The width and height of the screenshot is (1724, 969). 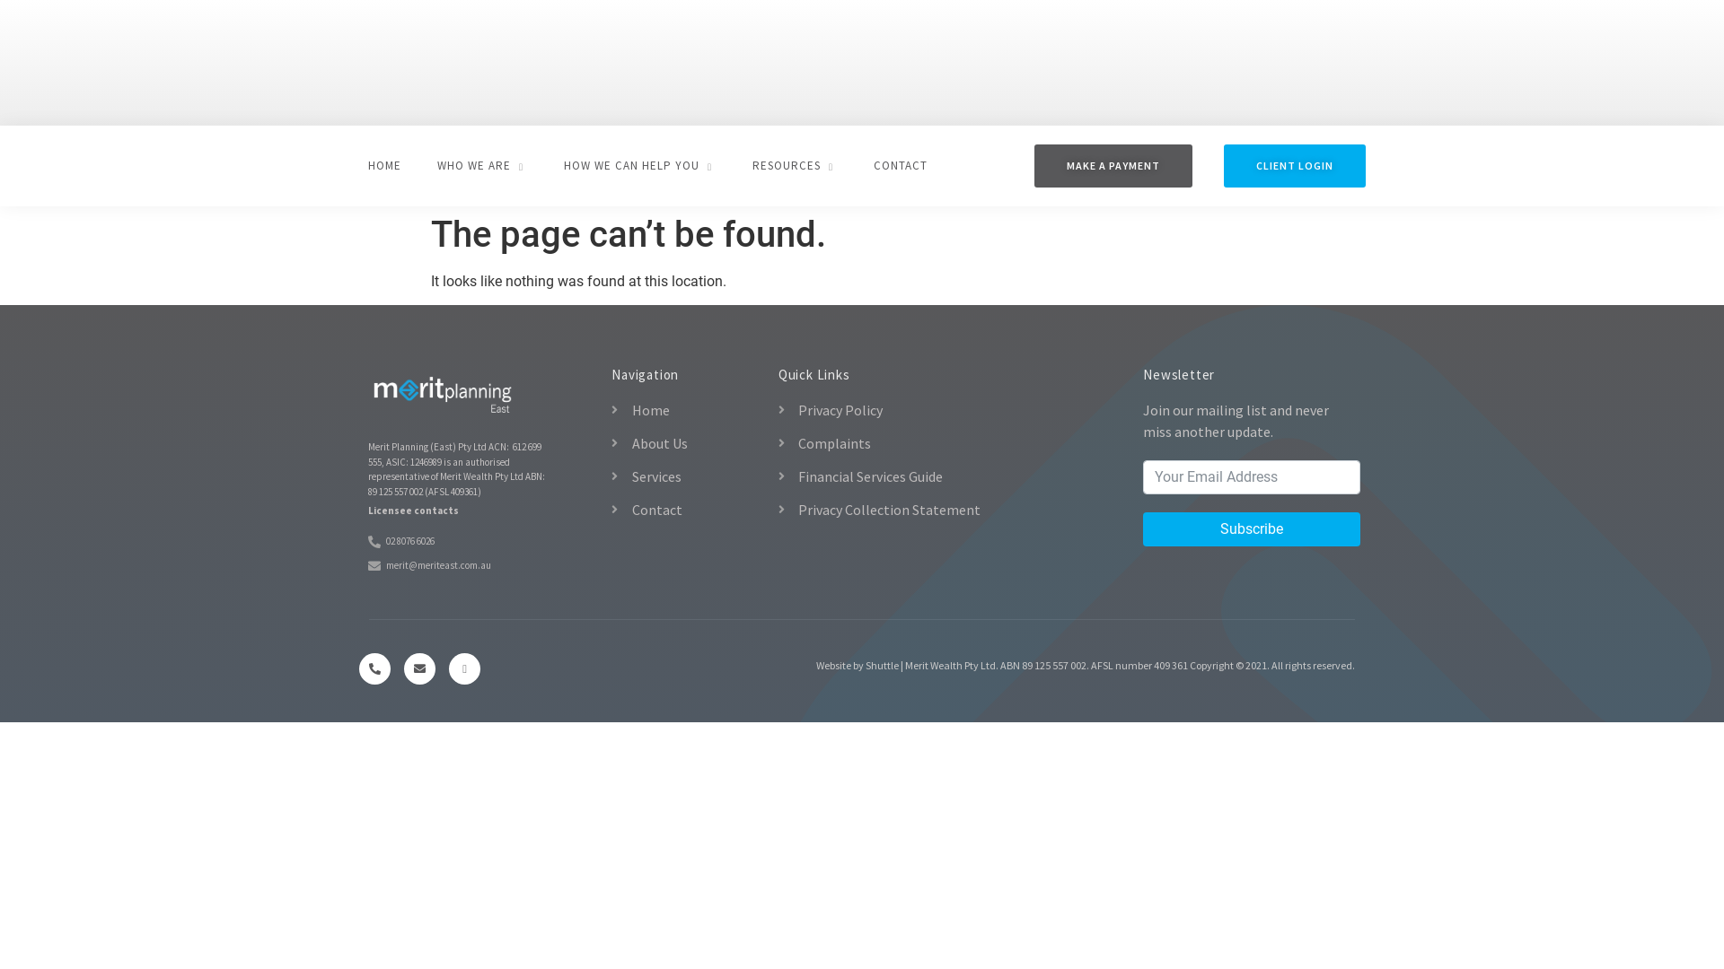 What do you see at coordinates (901, 166) in the screenshot?
I see `'CONTACT'` at bounding box center [901, 166].